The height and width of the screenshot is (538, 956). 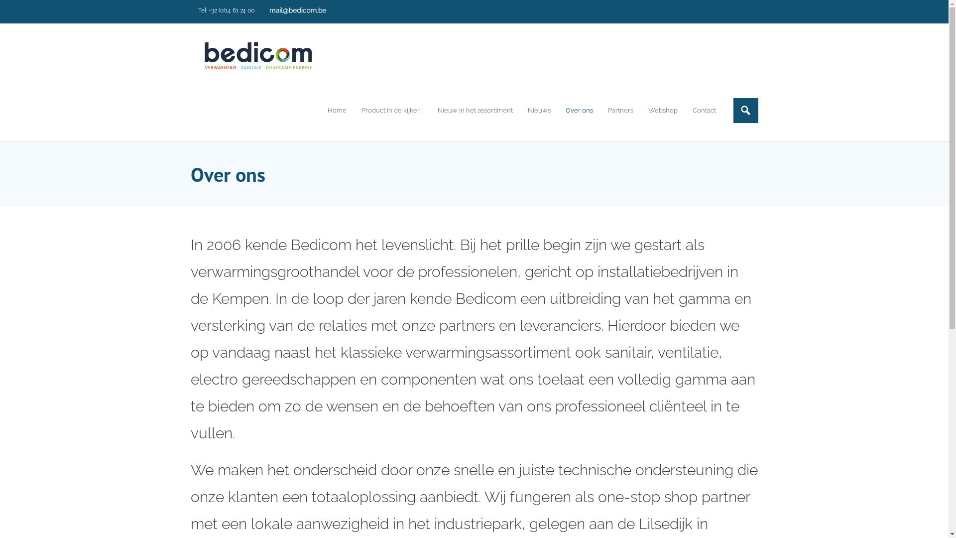 I want to click on 'Product in de kijker !', so click(x=391, y=110).